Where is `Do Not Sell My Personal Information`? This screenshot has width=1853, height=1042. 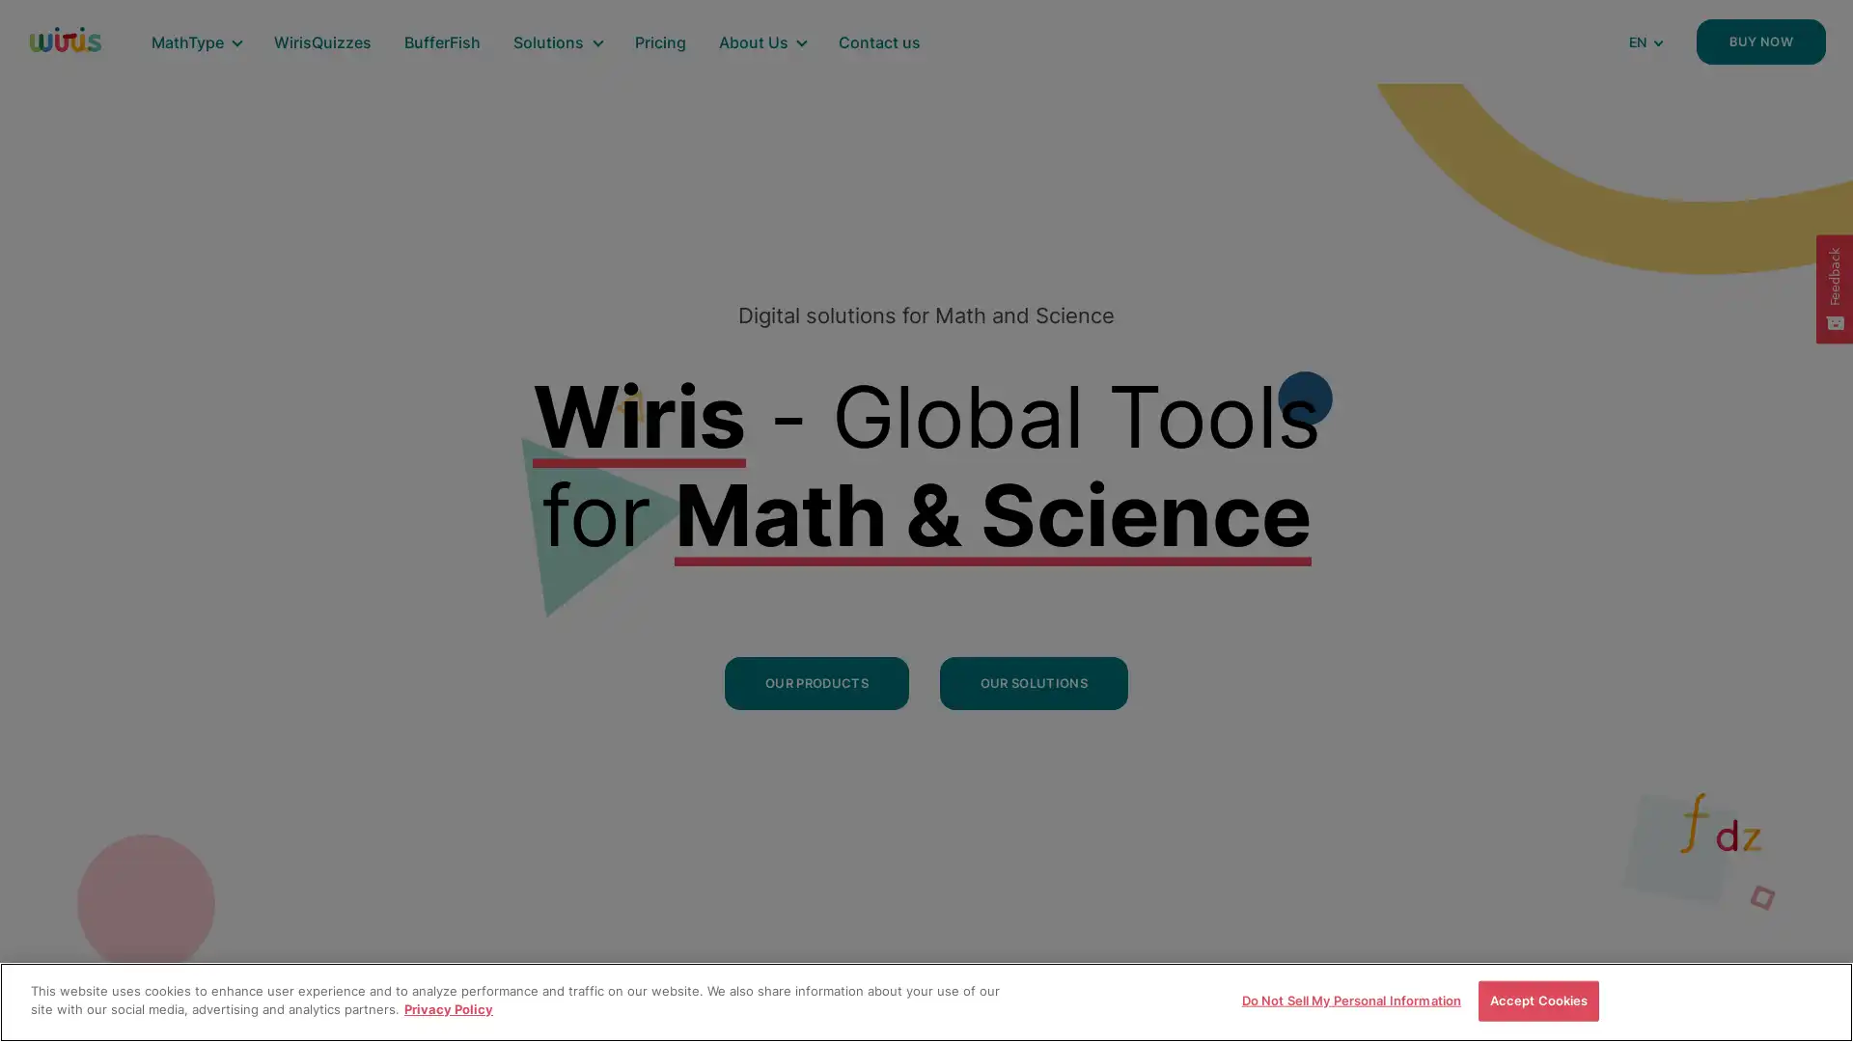 Do Not Sell My Personal Information is located at coordinates (1350, 1000).